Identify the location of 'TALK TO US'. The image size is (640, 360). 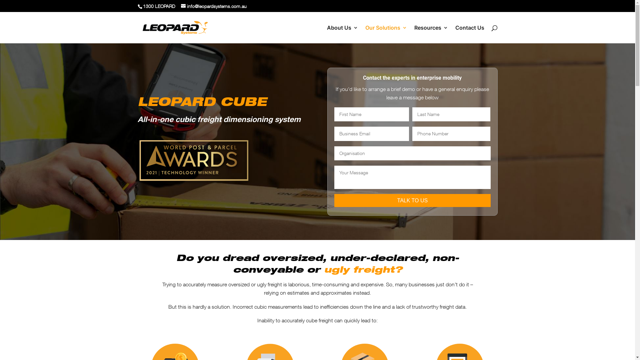
(412, 200).